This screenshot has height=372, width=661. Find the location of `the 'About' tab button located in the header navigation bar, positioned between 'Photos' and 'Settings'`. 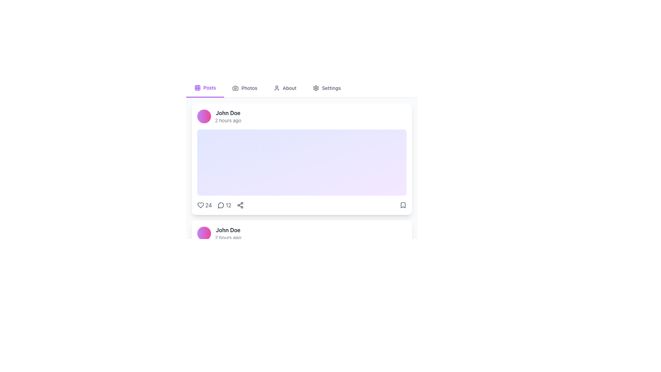

the 'About' tab button located in the header navigation bar, positioned between 'Photos' and 'Settings' is located at coordinates (285, 87).